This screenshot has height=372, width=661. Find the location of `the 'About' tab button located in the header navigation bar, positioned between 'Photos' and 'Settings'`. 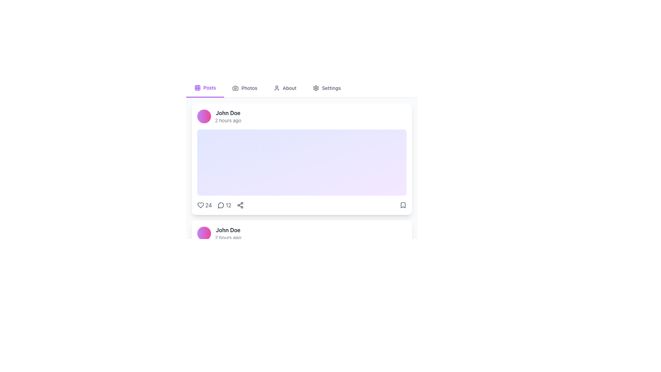

the 'About' tab button located in the header navigation bar, positioned between 'Photos' and 'Settings' is located at coordinates (285, 87).